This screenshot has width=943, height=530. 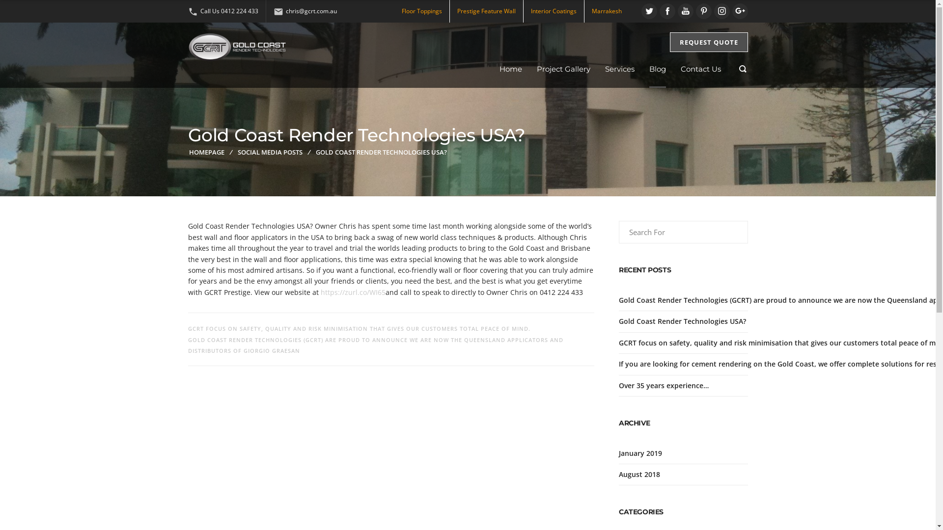 I want to click on 'Contact Us', so click(x=700, y=69).